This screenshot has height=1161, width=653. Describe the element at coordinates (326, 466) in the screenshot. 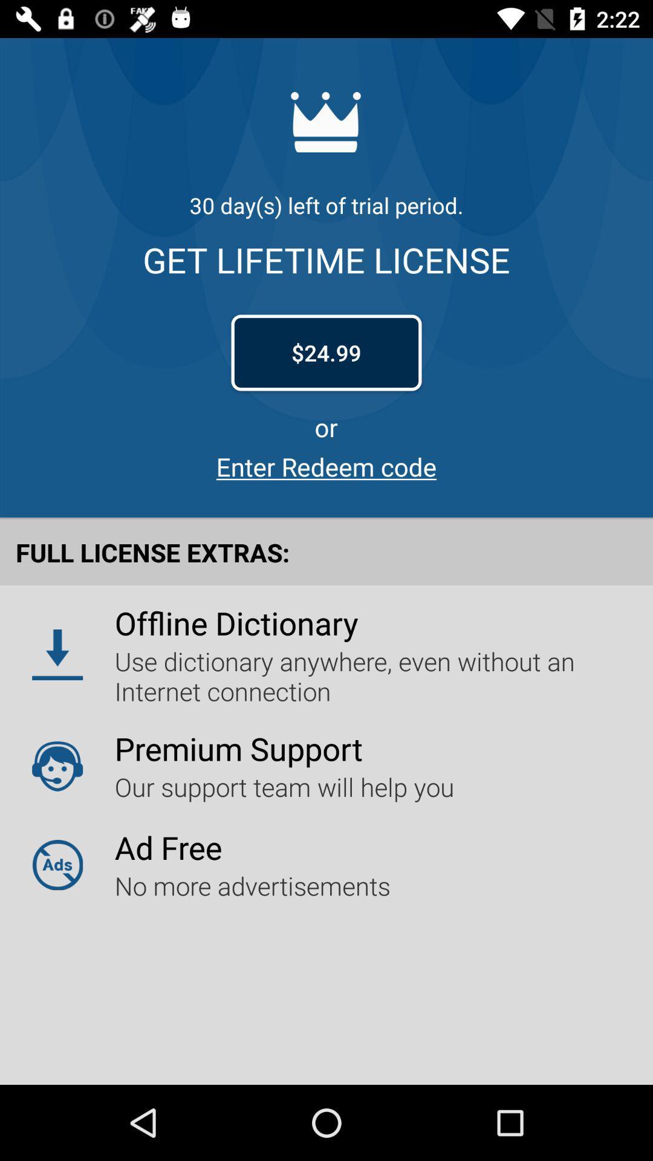

I see `the enter redeem code icon` at that location.